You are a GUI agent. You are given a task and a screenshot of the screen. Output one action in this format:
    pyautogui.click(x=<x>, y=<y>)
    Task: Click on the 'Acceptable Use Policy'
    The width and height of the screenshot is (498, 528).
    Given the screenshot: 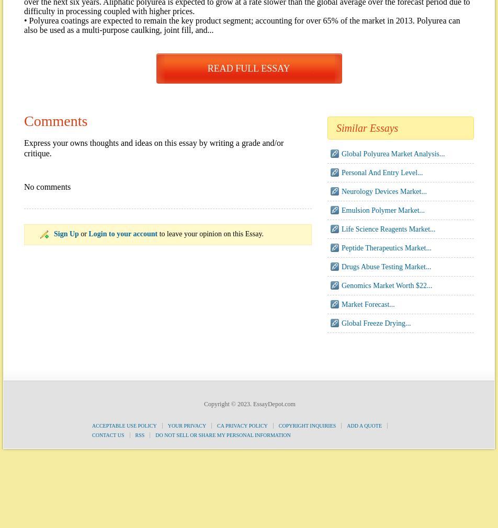 What is the action you would take?
    pyautogui.click(x=124, y=426)
    